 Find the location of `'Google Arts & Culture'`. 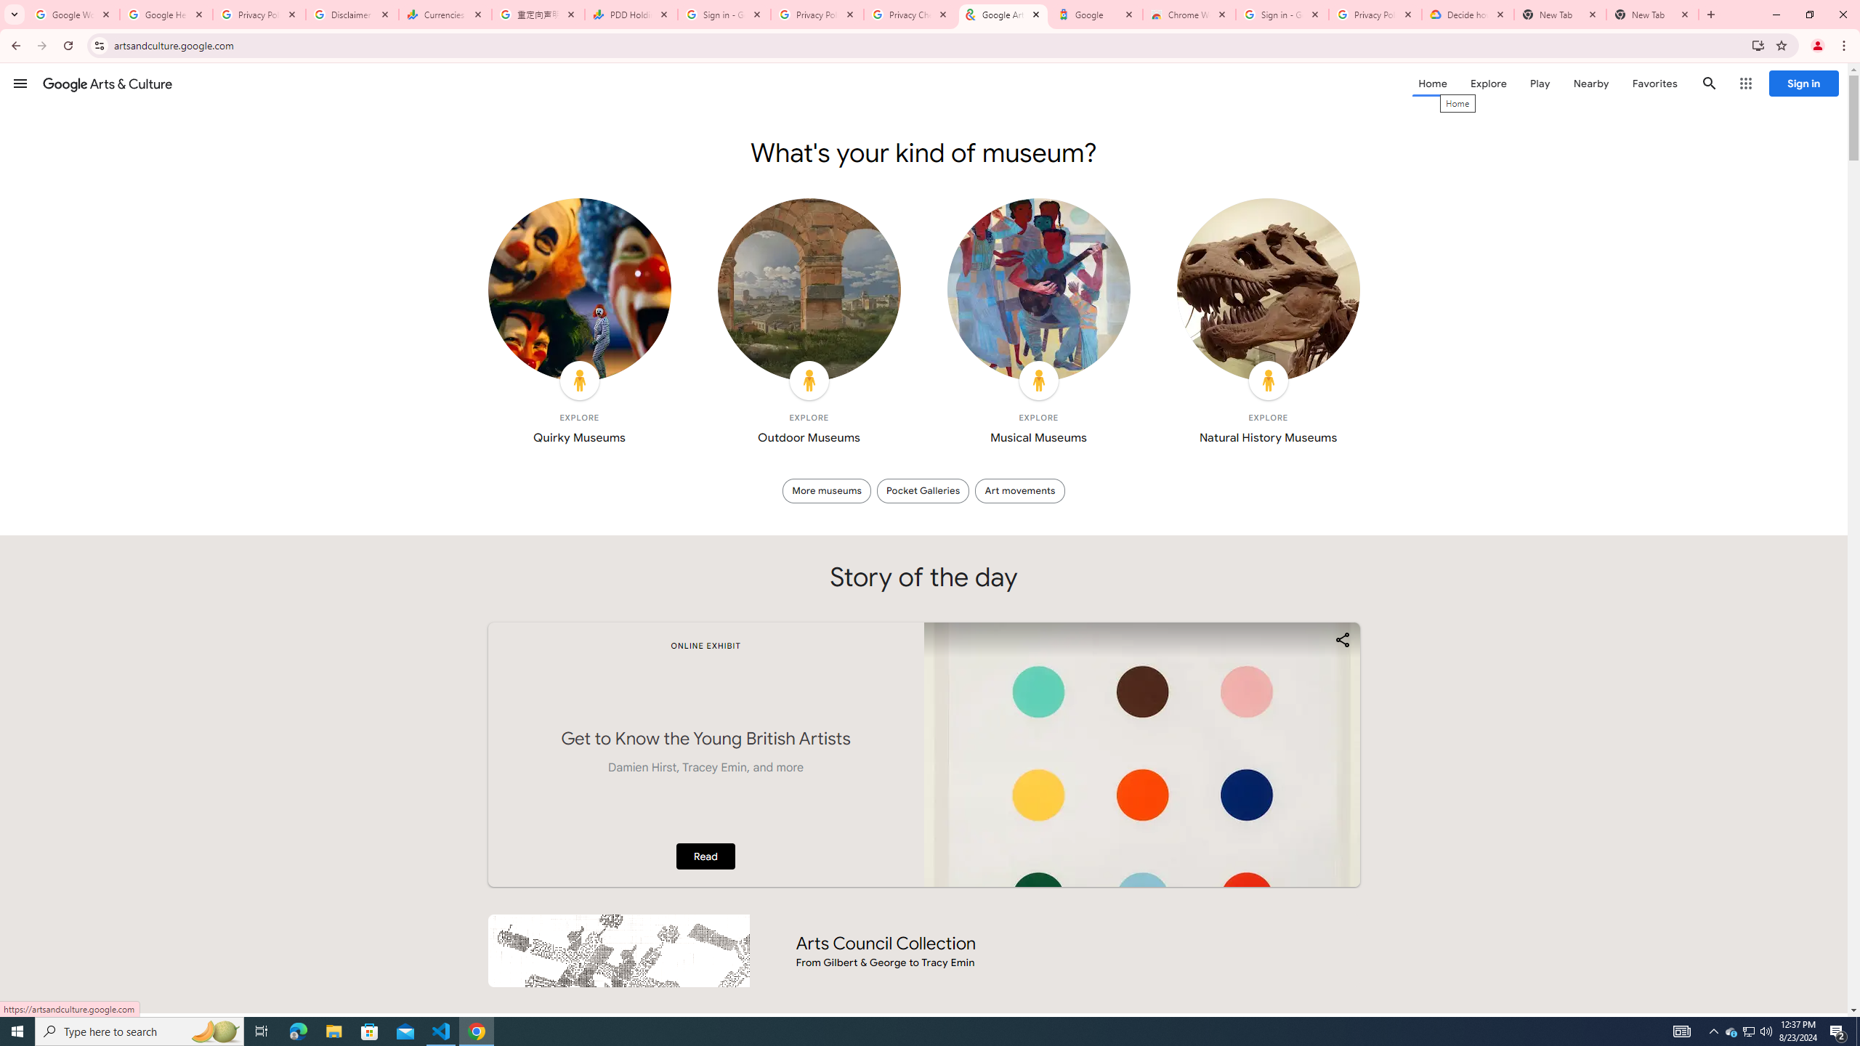

'Google Arts & Culture' is located at coordinates (107, 83).